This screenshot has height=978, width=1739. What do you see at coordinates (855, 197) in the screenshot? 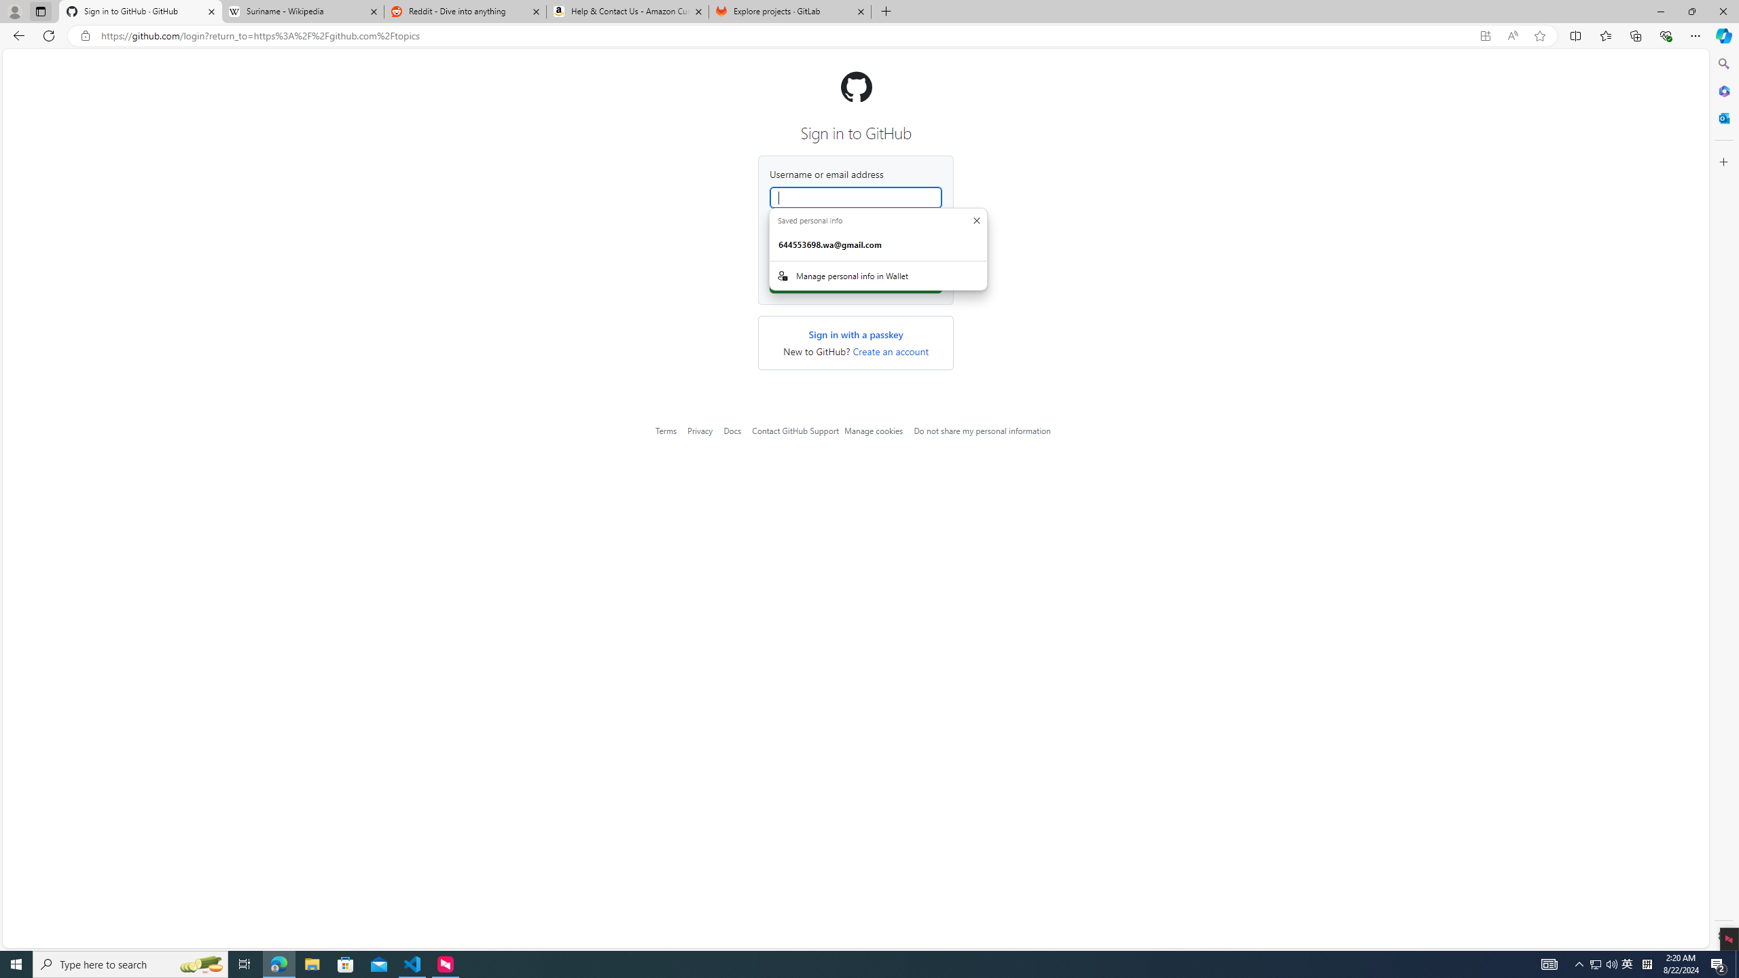
I see `'Username or email address'` at bounding box center [855, 197].